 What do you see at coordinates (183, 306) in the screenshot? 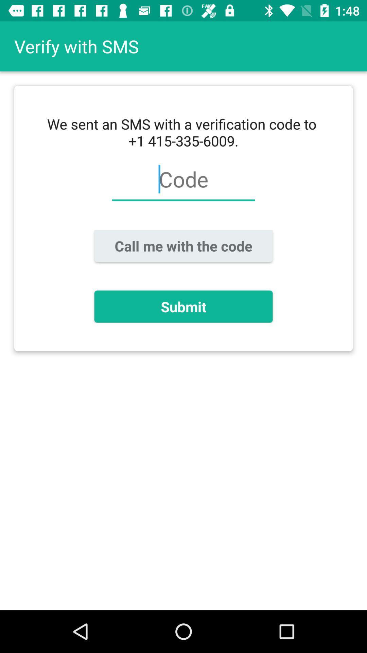
I see `the submit` at bounding box center [183, 306].